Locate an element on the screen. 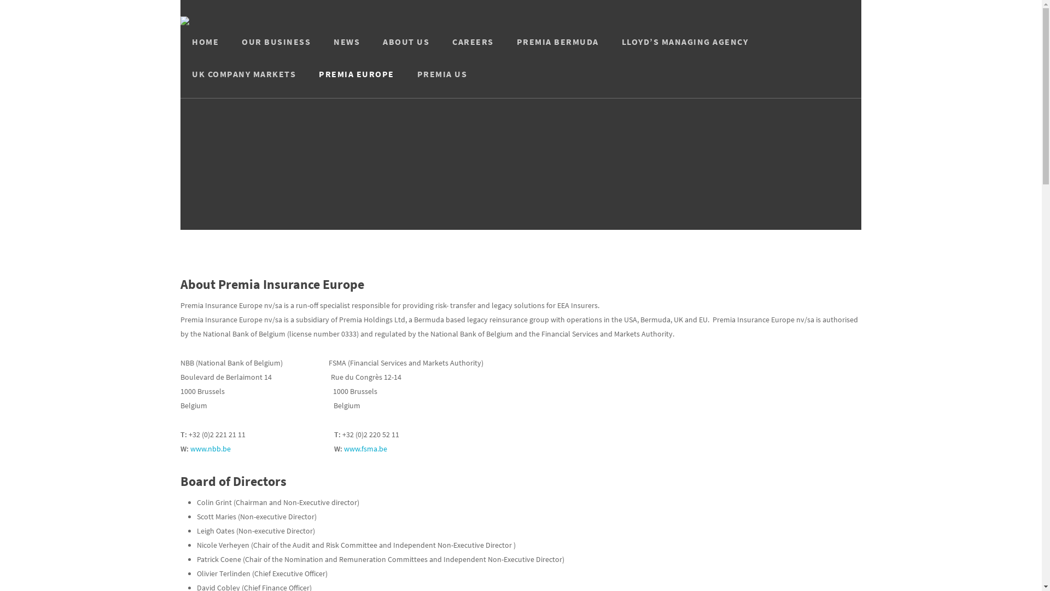 This screenshot has width=1050, height=591. 'PREMIA BERMUDA' is located at coordinates (505, 50).